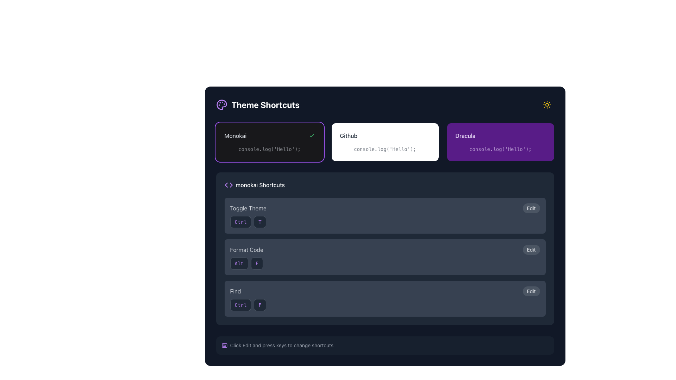  I want to click on the text label displaying the word 'Find', which is styled in gray and located within a dark rectangular section next to the 'Edit' button, so click(235, 291).